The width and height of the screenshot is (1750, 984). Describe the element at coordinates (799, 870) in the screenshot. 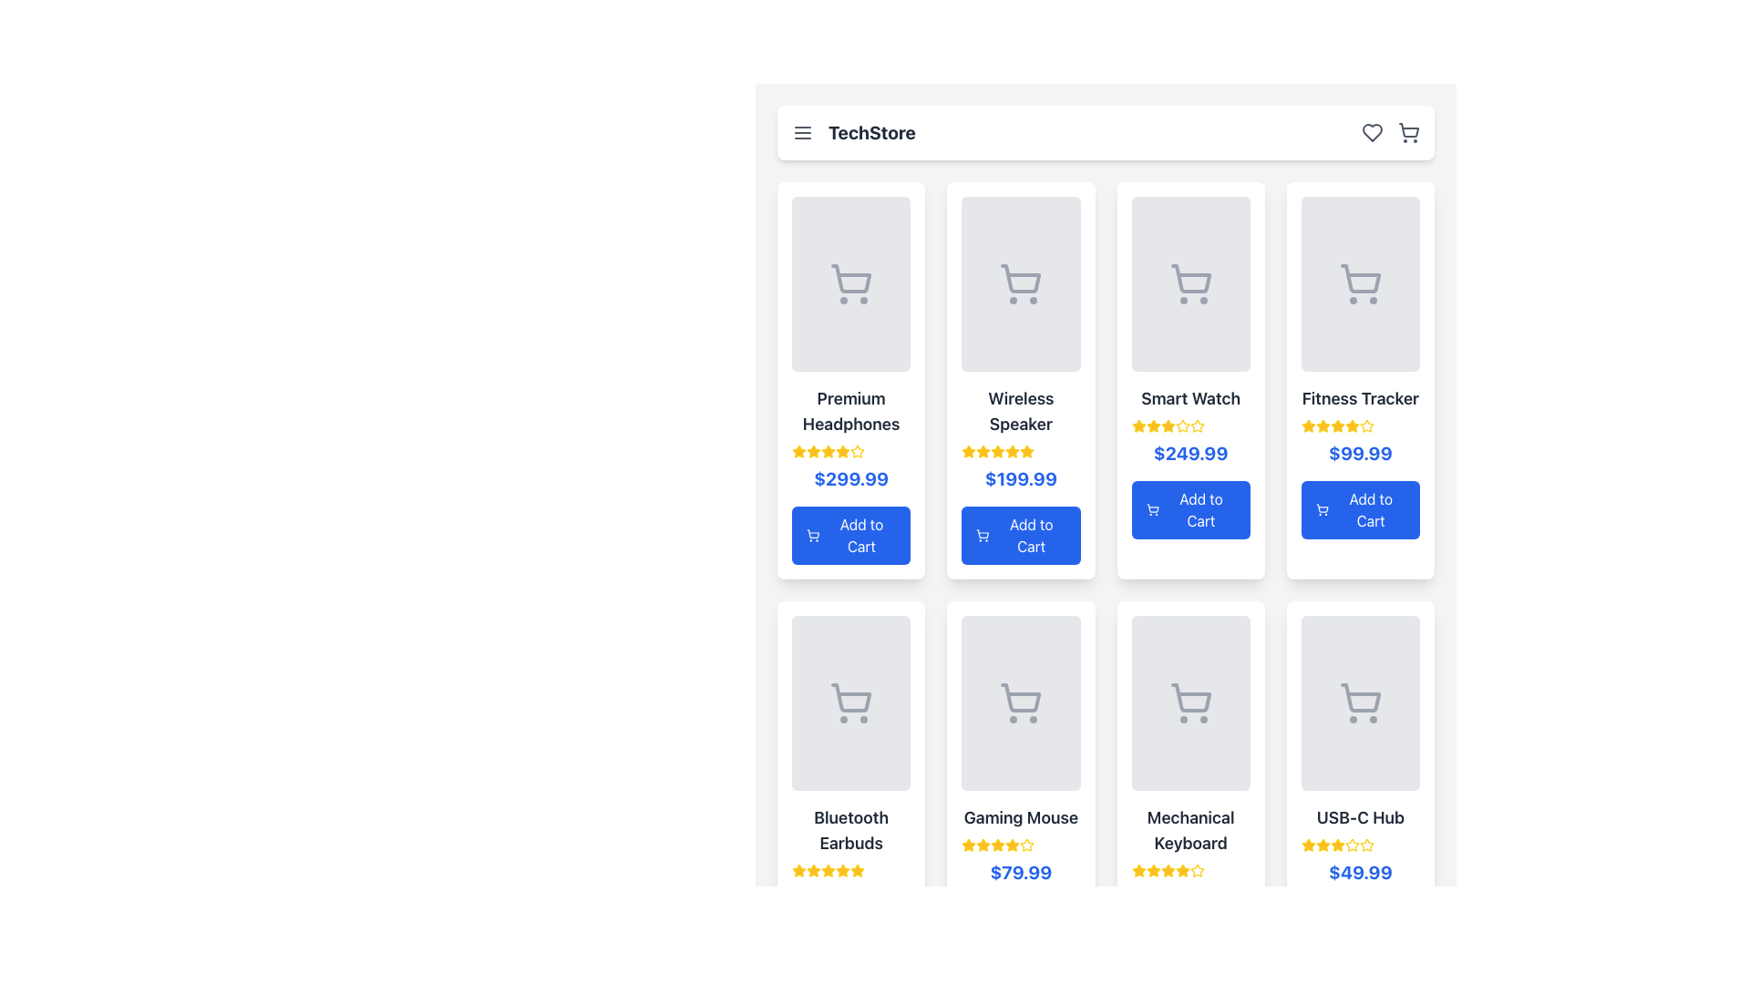

I see `the first yellow star icon in the star rating group below the 'Bluetooth Earbuds' product description` at that location.